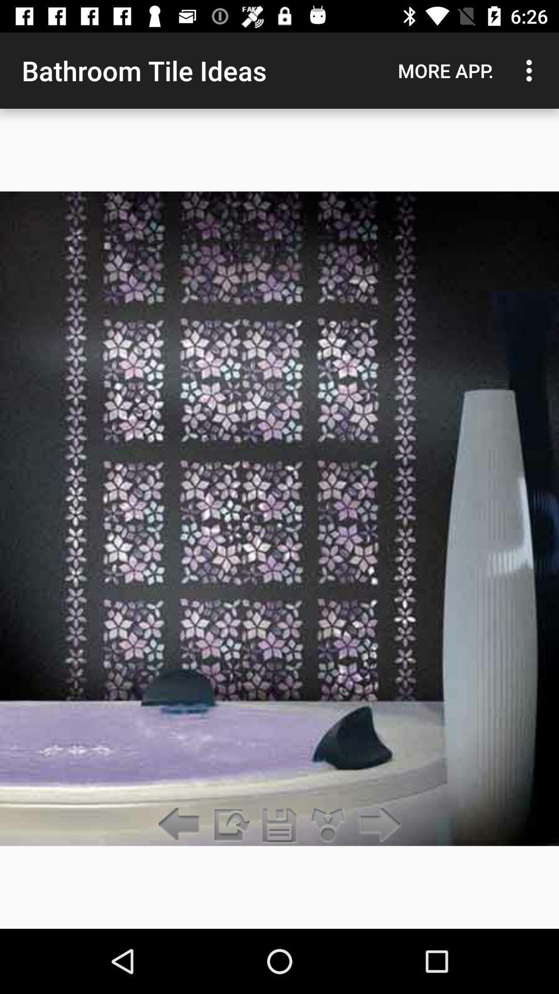 Image resolution: width=559 pixels, height=994 pixels. I want to click on split, so click(328, 825).